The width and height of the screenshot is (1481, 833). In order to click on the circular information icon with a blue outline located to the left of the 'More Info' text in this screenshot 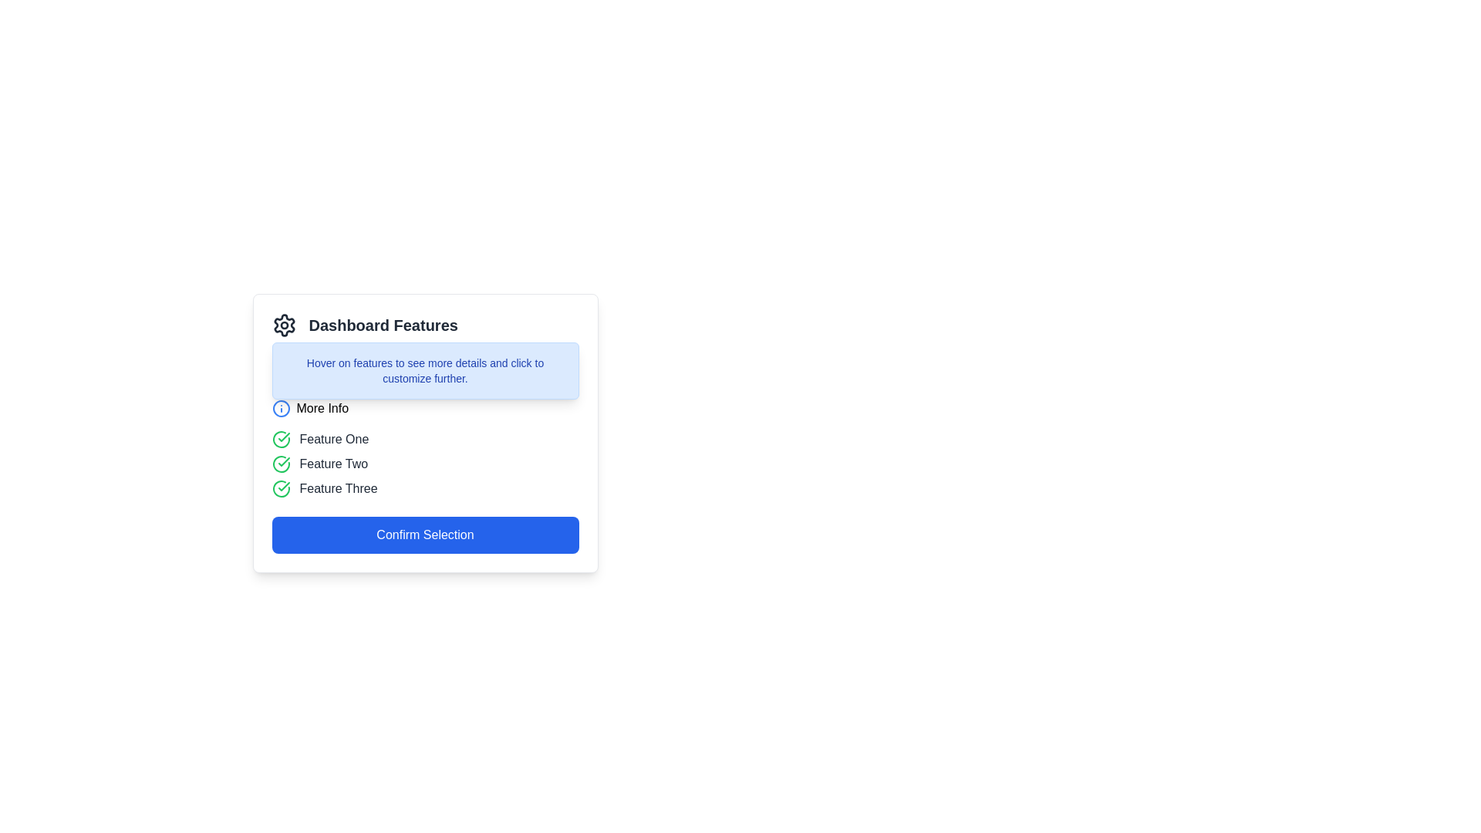, I will do `click(281, 407)`.